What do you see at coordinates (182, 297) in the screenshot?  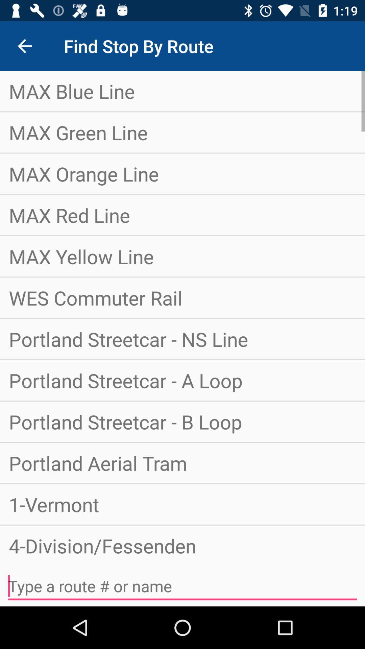 I see `the item above the portland streetcar ns icon` at bounding box center [182, 297].